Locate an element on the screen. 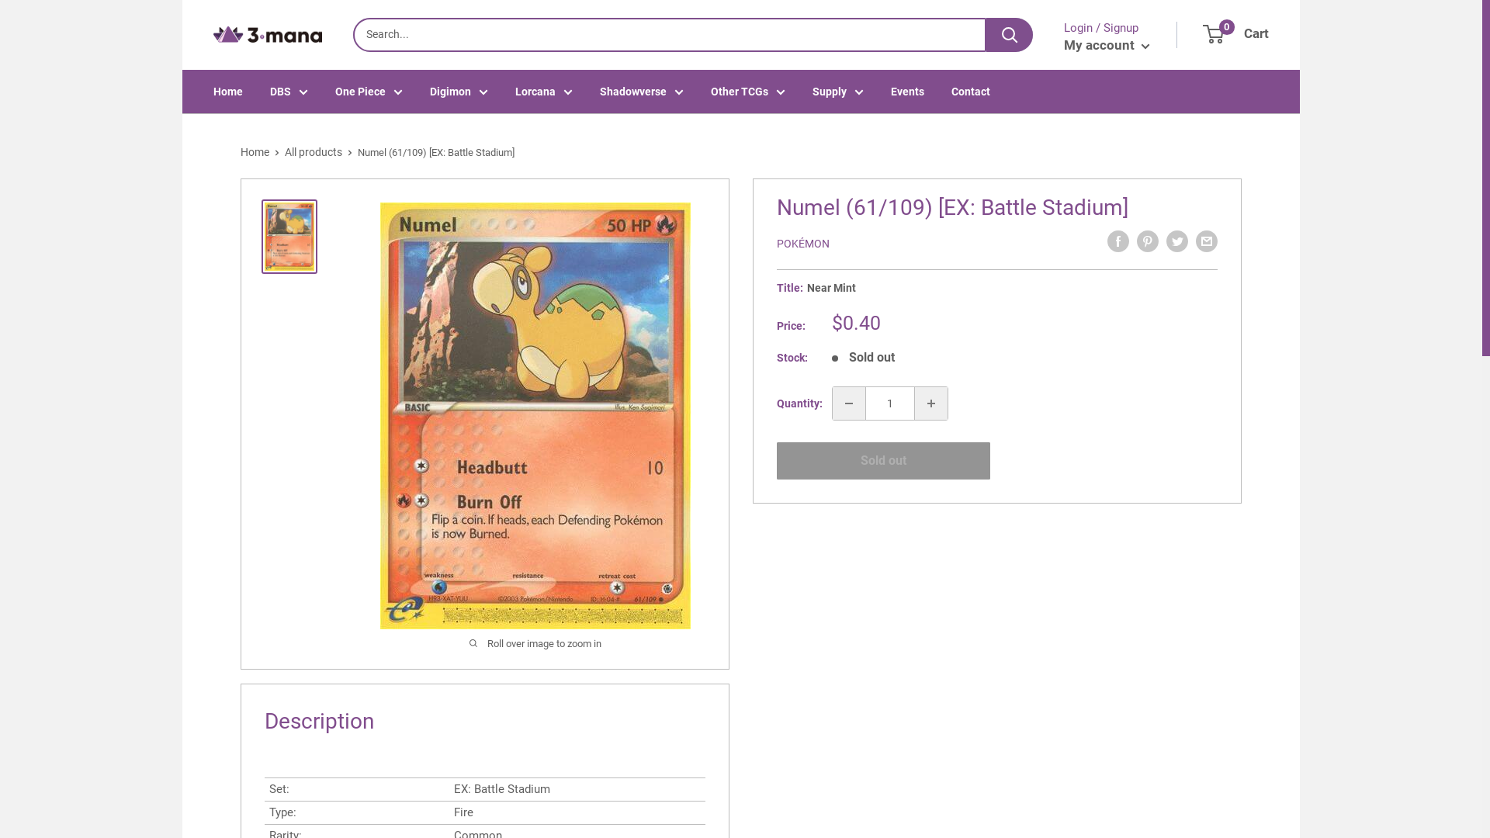 This screenshot has width=1490, height=838. 'BSD' is located at coordinates (251, 55).